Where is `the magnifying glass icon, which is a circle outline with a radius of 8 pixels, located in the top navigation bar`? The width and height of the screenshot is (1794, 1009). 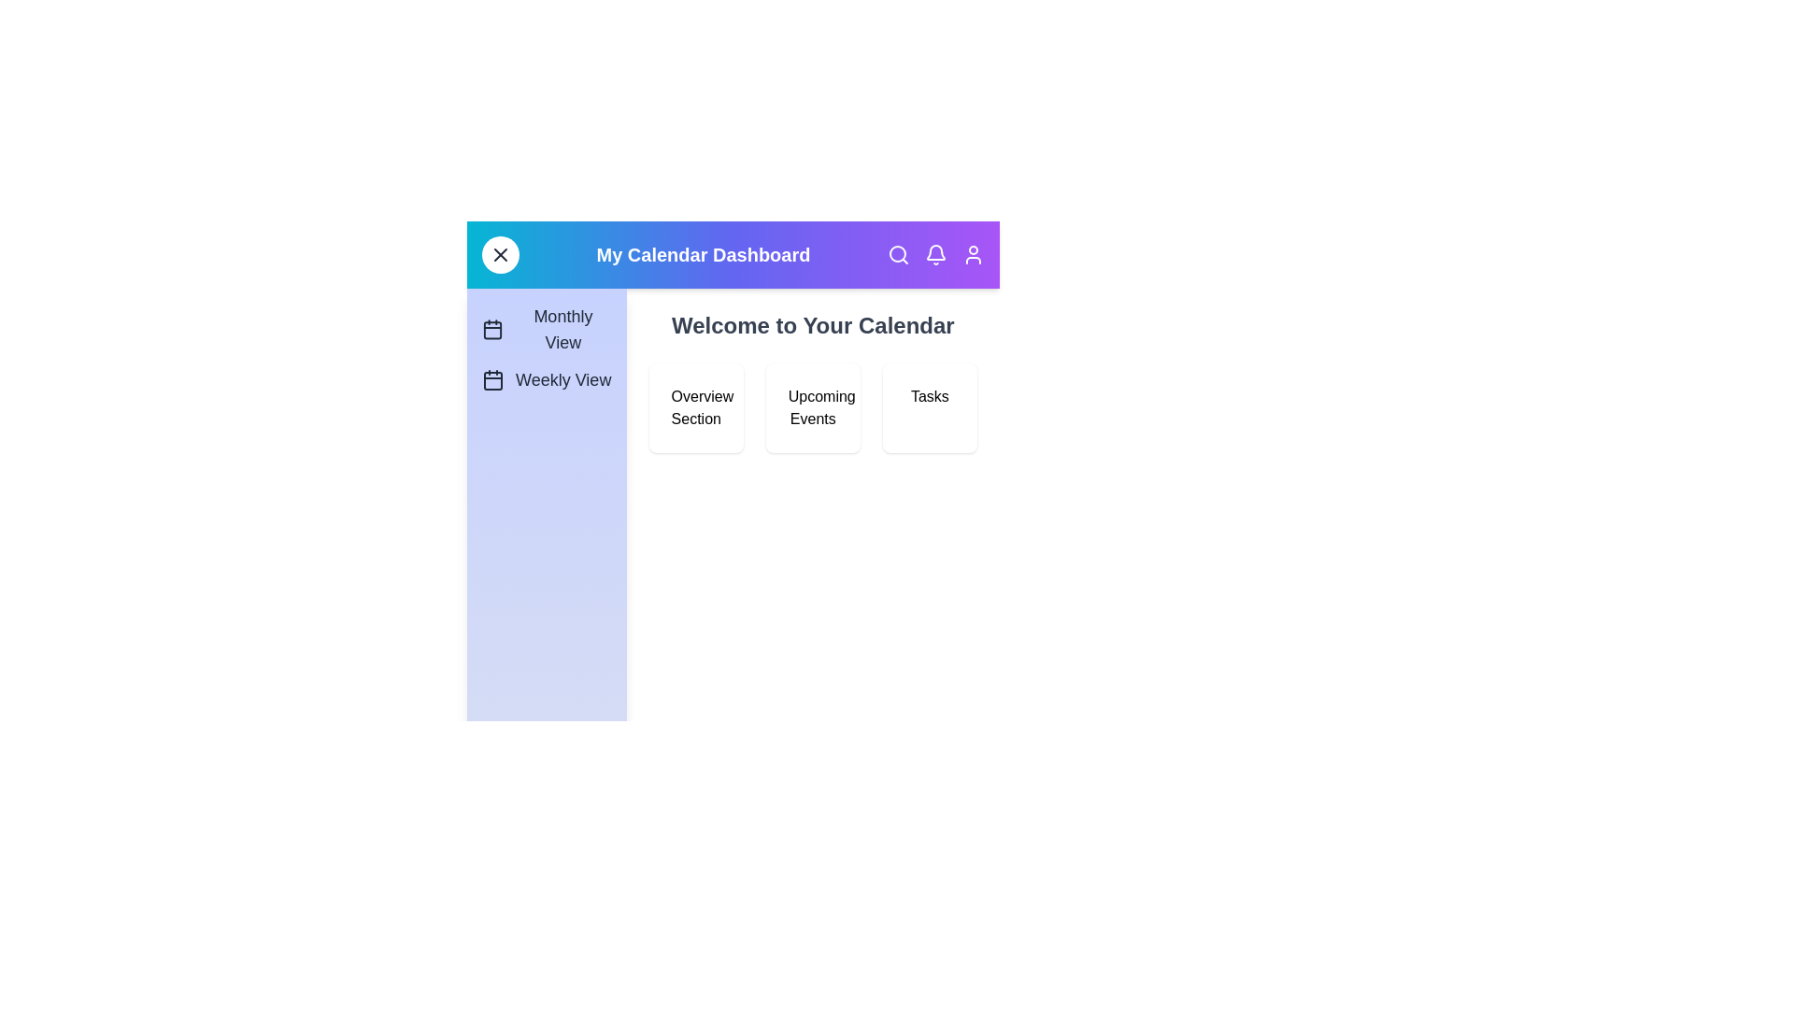 the magnifying glass icon, which is a circle outline with a radius of 8 pixels, located in the top navigation bar is located at coordinates (897, 254).